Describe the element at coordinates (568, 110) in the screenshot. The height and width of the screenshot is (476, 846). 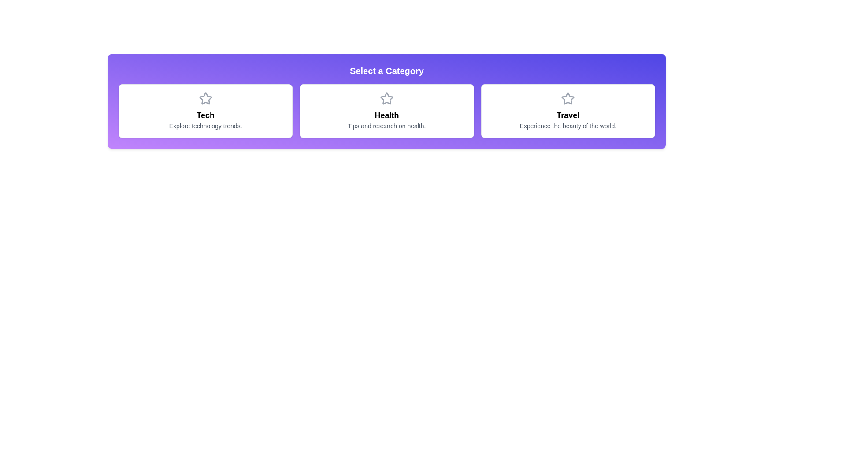
I see `the 'Travel' category button-like card UI element, which is the third card in a horizontal series of three cards under the header 'Select a Category'` at that location.